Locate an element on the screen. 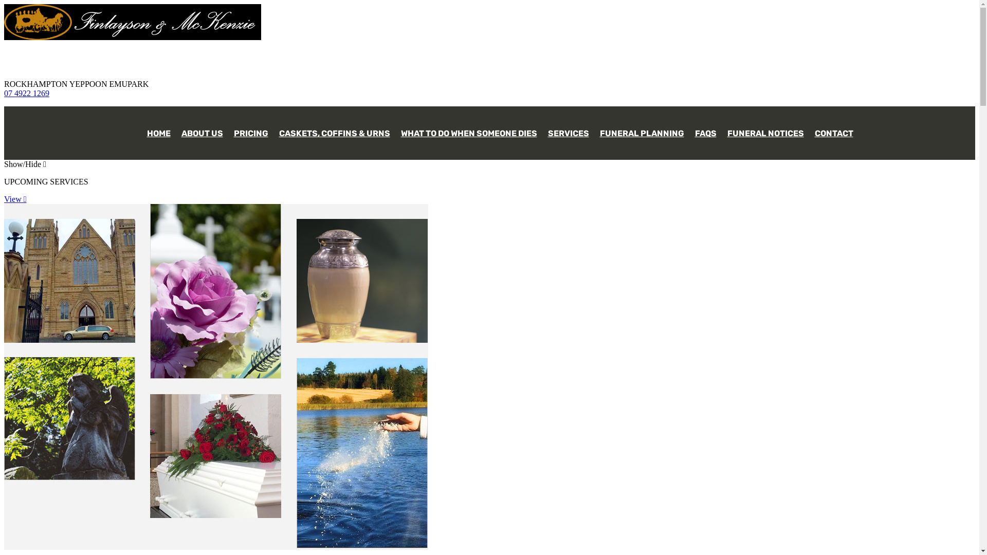 This screenshot has width=987, height=555. 'CASKETS, COFFINS & URNS' is located at coordinates (335, 128).